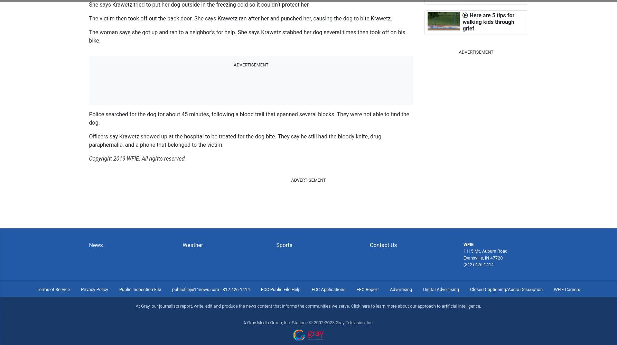 The image size is (617, 345). I want to click on 'WFIE', so click(463, 244).